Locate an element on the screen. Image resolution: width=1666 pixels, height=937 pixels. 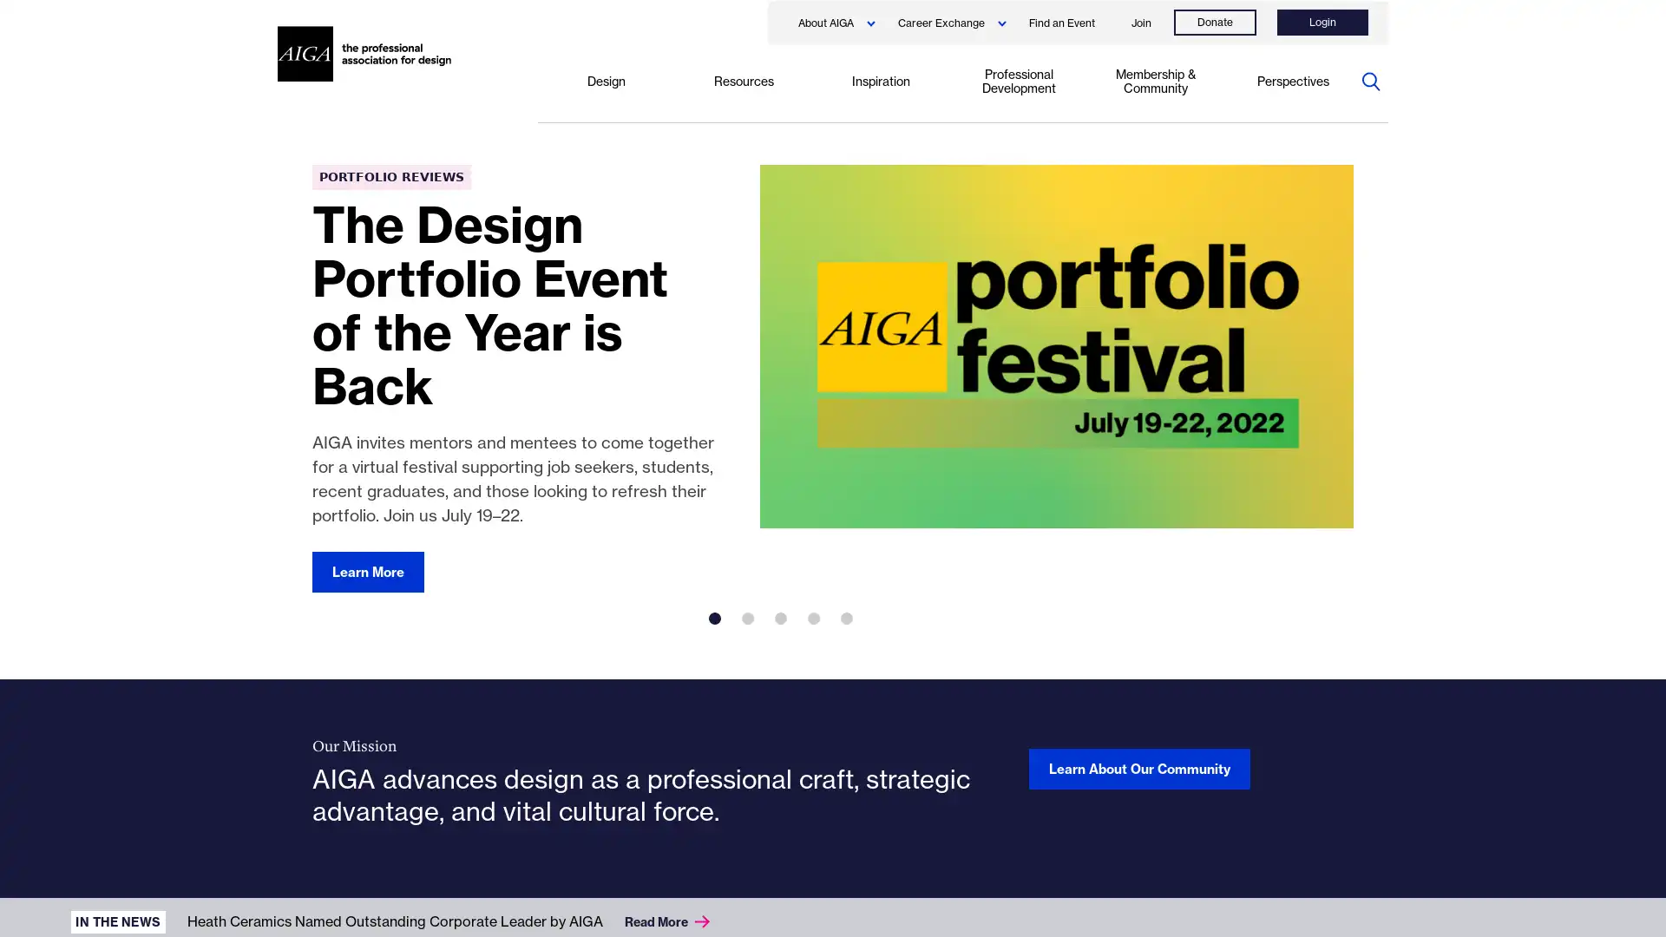
4 of 5 is located at coordinates (812, 618).